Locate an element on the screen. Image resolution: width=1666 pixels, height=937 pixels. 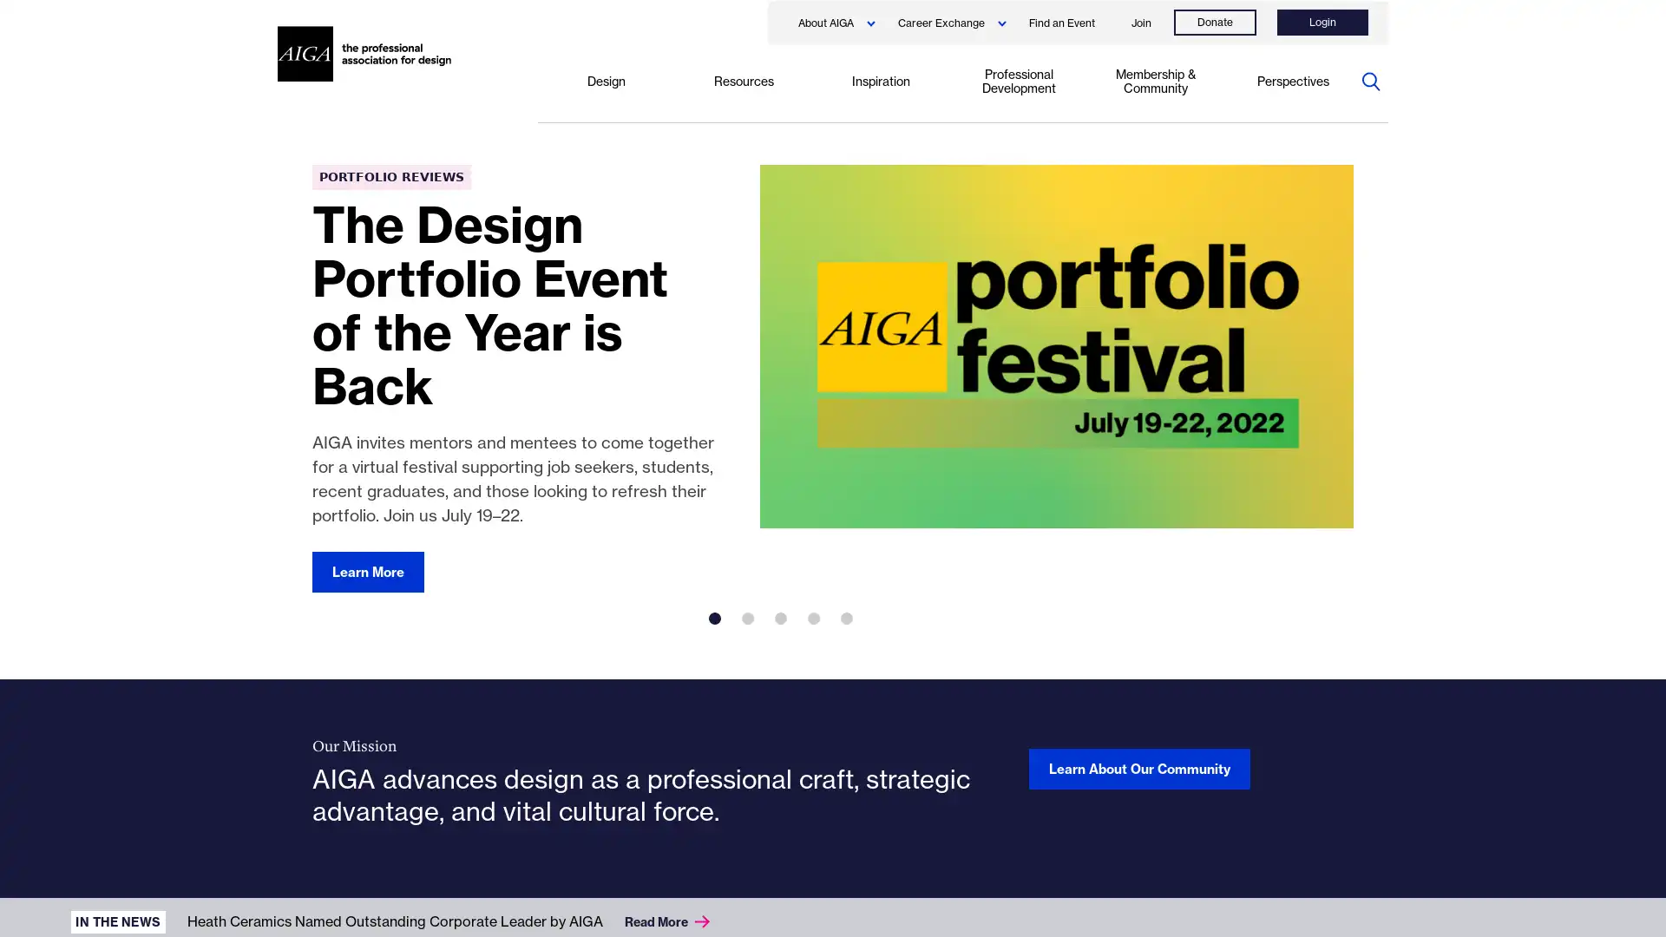
4 of 5 is located at coordinates (812, 618).